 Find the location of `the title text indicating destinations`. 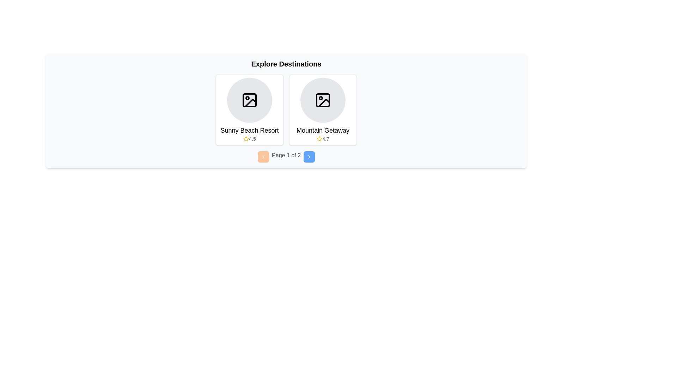

the title text indicating destinations is located at coordinates (286, 64).